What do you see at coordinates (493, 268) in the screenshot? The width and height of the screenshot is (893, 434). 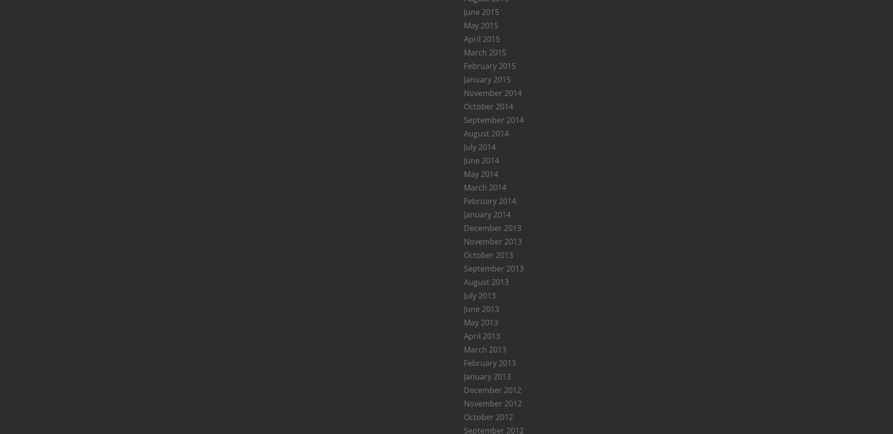 I see `'September 2013'` at bounding box center [493, 268].